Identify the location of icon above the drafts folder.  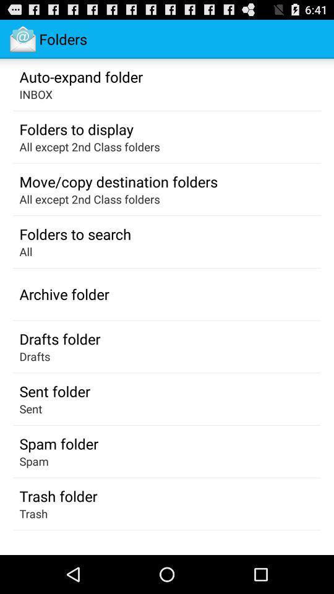
(64, 294).